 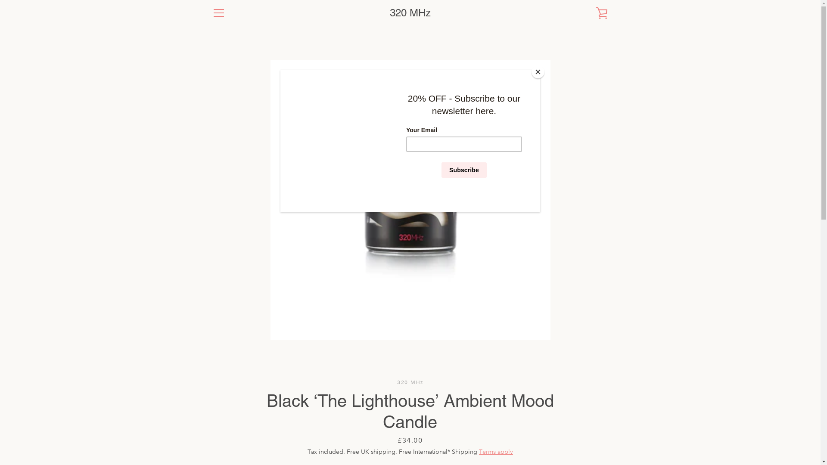 What do you see at coordinates (601, 13) in the screenshot?
I see `'VIEW CART'` at bounding box center [601, 13].